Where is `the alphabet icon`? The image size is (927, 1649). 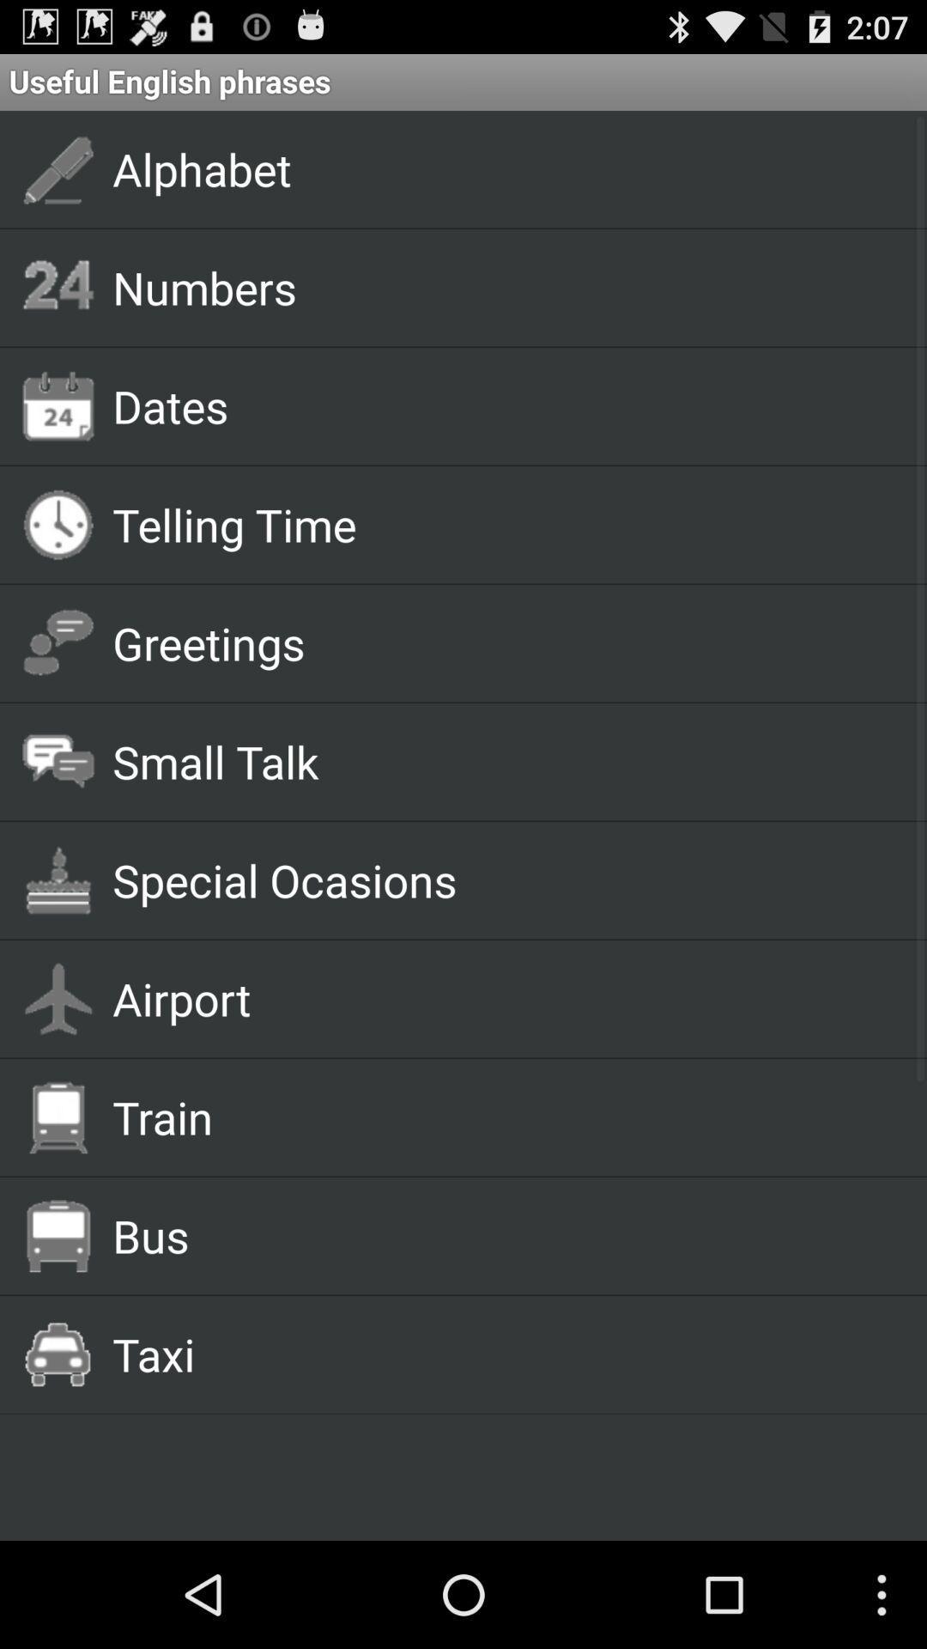
the alphabet icon is located at coordinates (500, 168).